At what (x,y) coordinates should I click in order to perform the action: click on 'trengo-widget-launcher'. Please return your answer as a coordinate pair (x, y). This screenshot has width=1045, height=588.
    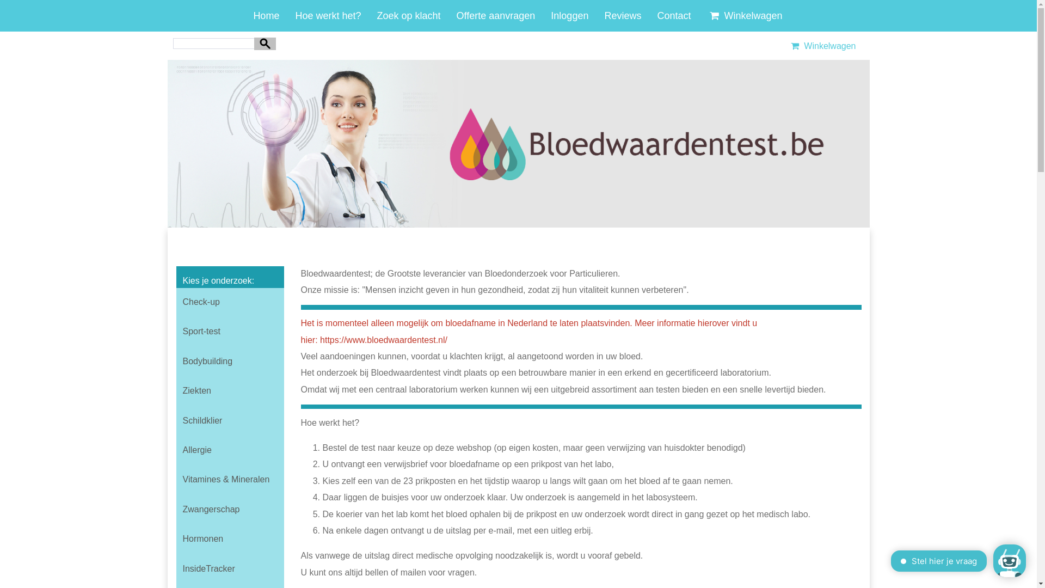
    Looking at the image, I should click on (993, 560).